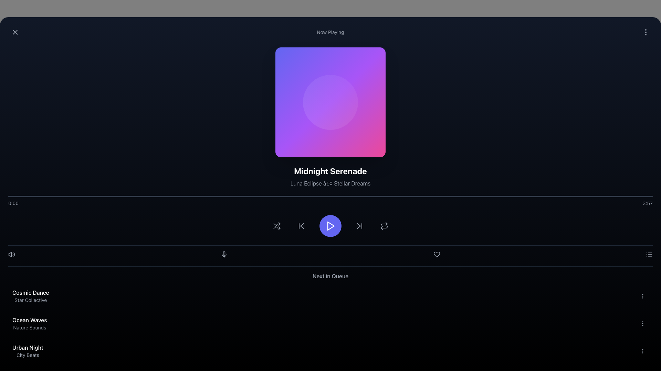 The image size is (661, 371). I want to click on the heart-shaped icon, which serves as a 'favorites' or 'like' button, located on the right-hand side of the interface near the 'Next in Queue' label, so click(436, 254).